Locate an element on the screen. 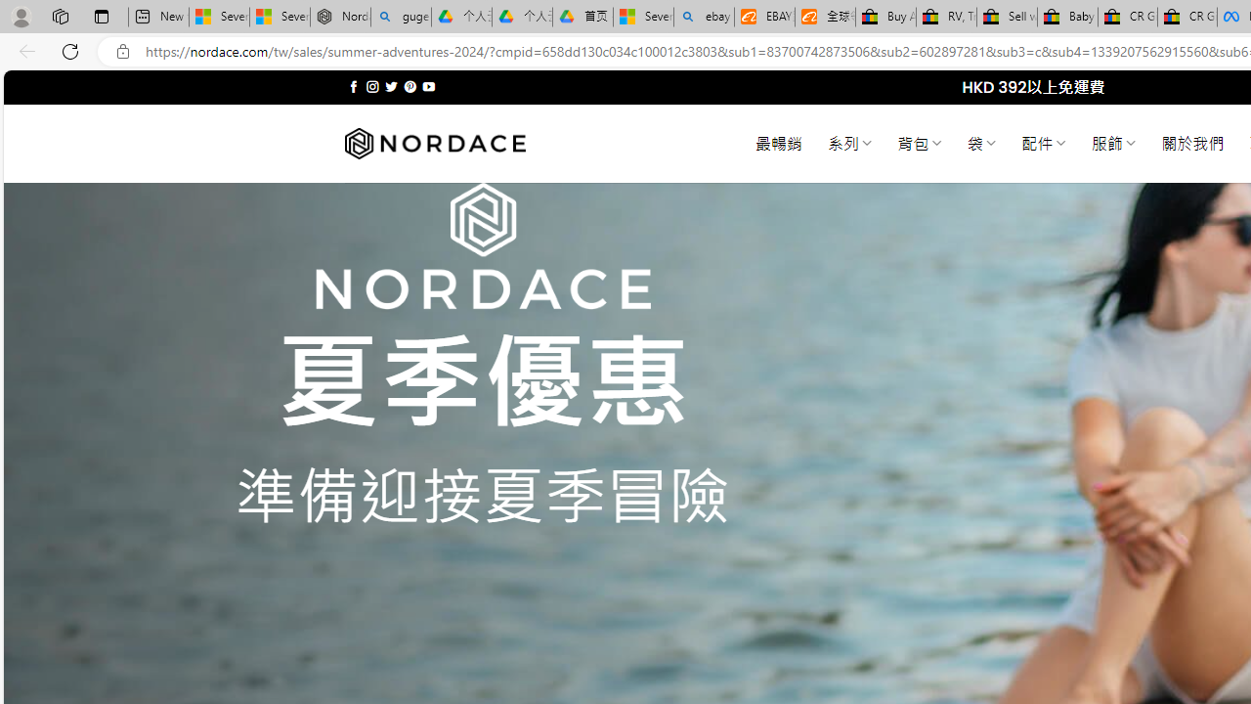  'Follow on YouTube' is located at coordinates (428, 86).